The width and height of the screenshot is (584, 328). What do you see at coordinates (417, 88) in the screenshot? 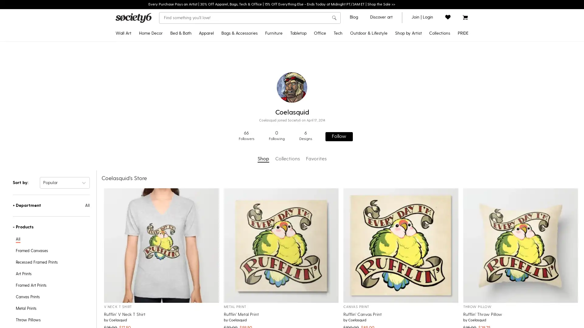
I see `Popular Wall Art` at bounding box center [417, 88].